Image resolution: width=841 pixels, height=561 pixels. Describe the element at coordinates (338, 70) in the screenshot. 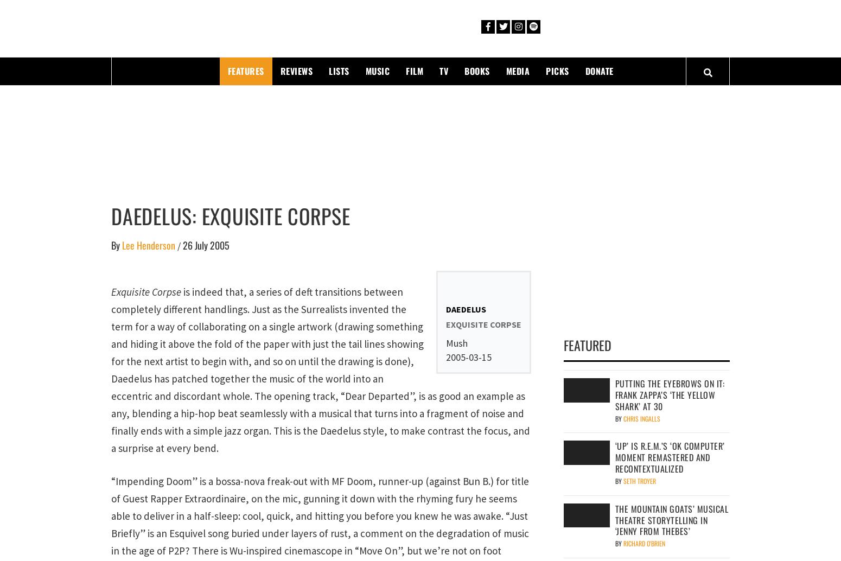

I see `'Lists'` at that location.